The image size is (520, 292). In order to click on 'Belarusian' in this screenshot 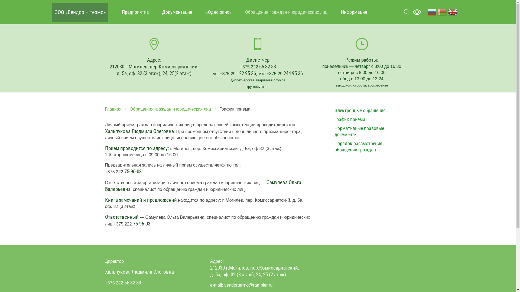, I will do `click(437, 12)`.